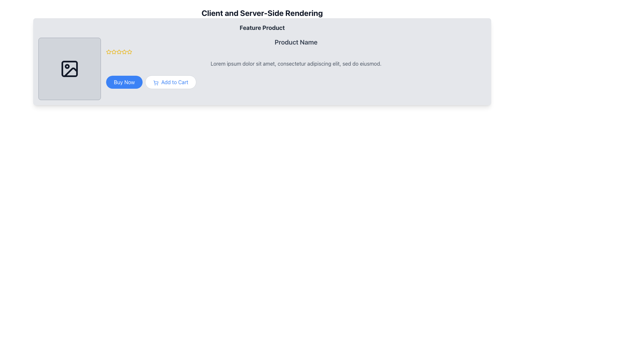 The image size is (625, 351). I want to click on the 'Buy Now' button, so click(124, 82).